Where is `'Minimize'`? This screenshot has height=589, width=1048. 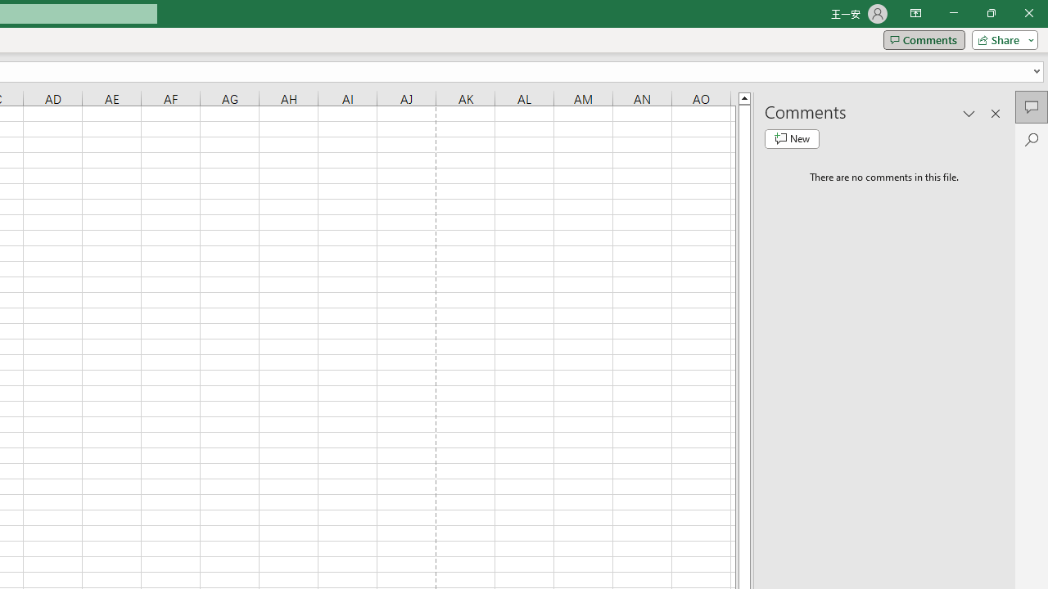
'Minimize' is located at coordinates (953, 13).